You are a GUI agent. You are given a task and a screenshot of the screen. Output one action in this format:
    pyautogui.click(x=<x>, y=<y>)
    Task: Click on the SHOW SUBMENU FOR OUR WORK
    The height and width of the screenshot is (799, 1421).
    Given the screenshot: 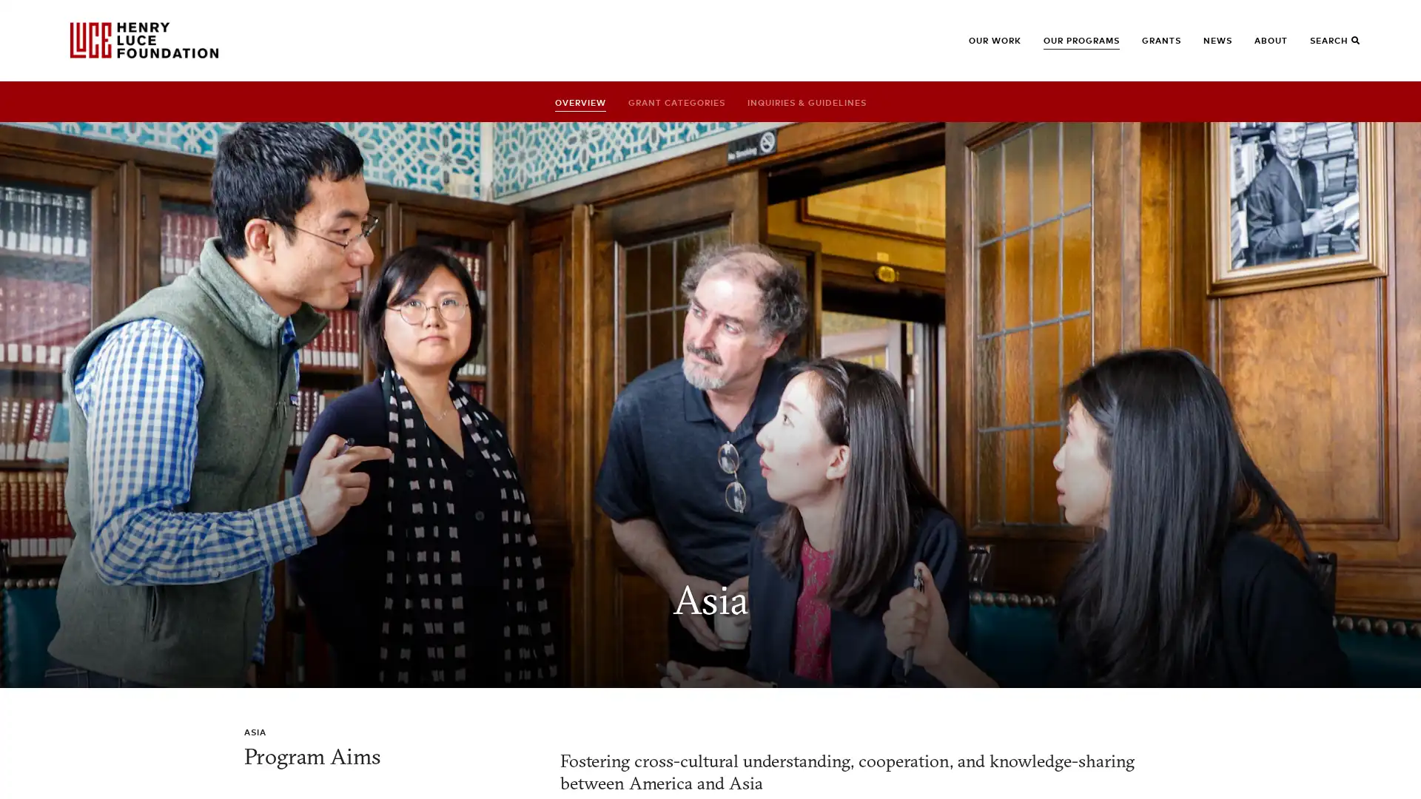 What is the action you would take?
    pyautogui.click(x=992, y=47)
    